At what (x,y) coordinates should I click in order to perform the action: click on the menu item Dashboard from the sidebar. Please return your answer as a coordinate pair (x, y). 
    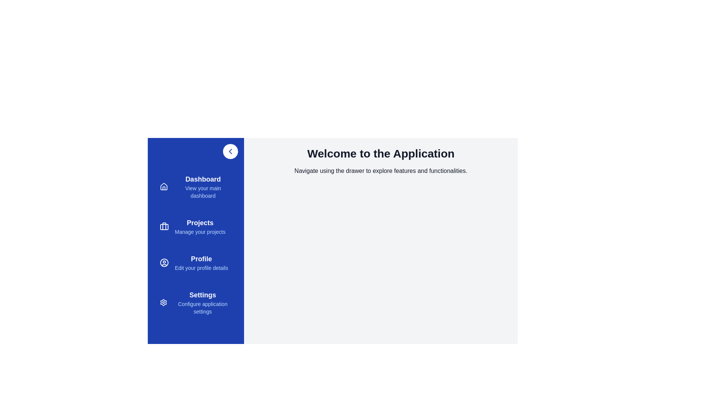
    Looking at the image, I should click on (196, 186).